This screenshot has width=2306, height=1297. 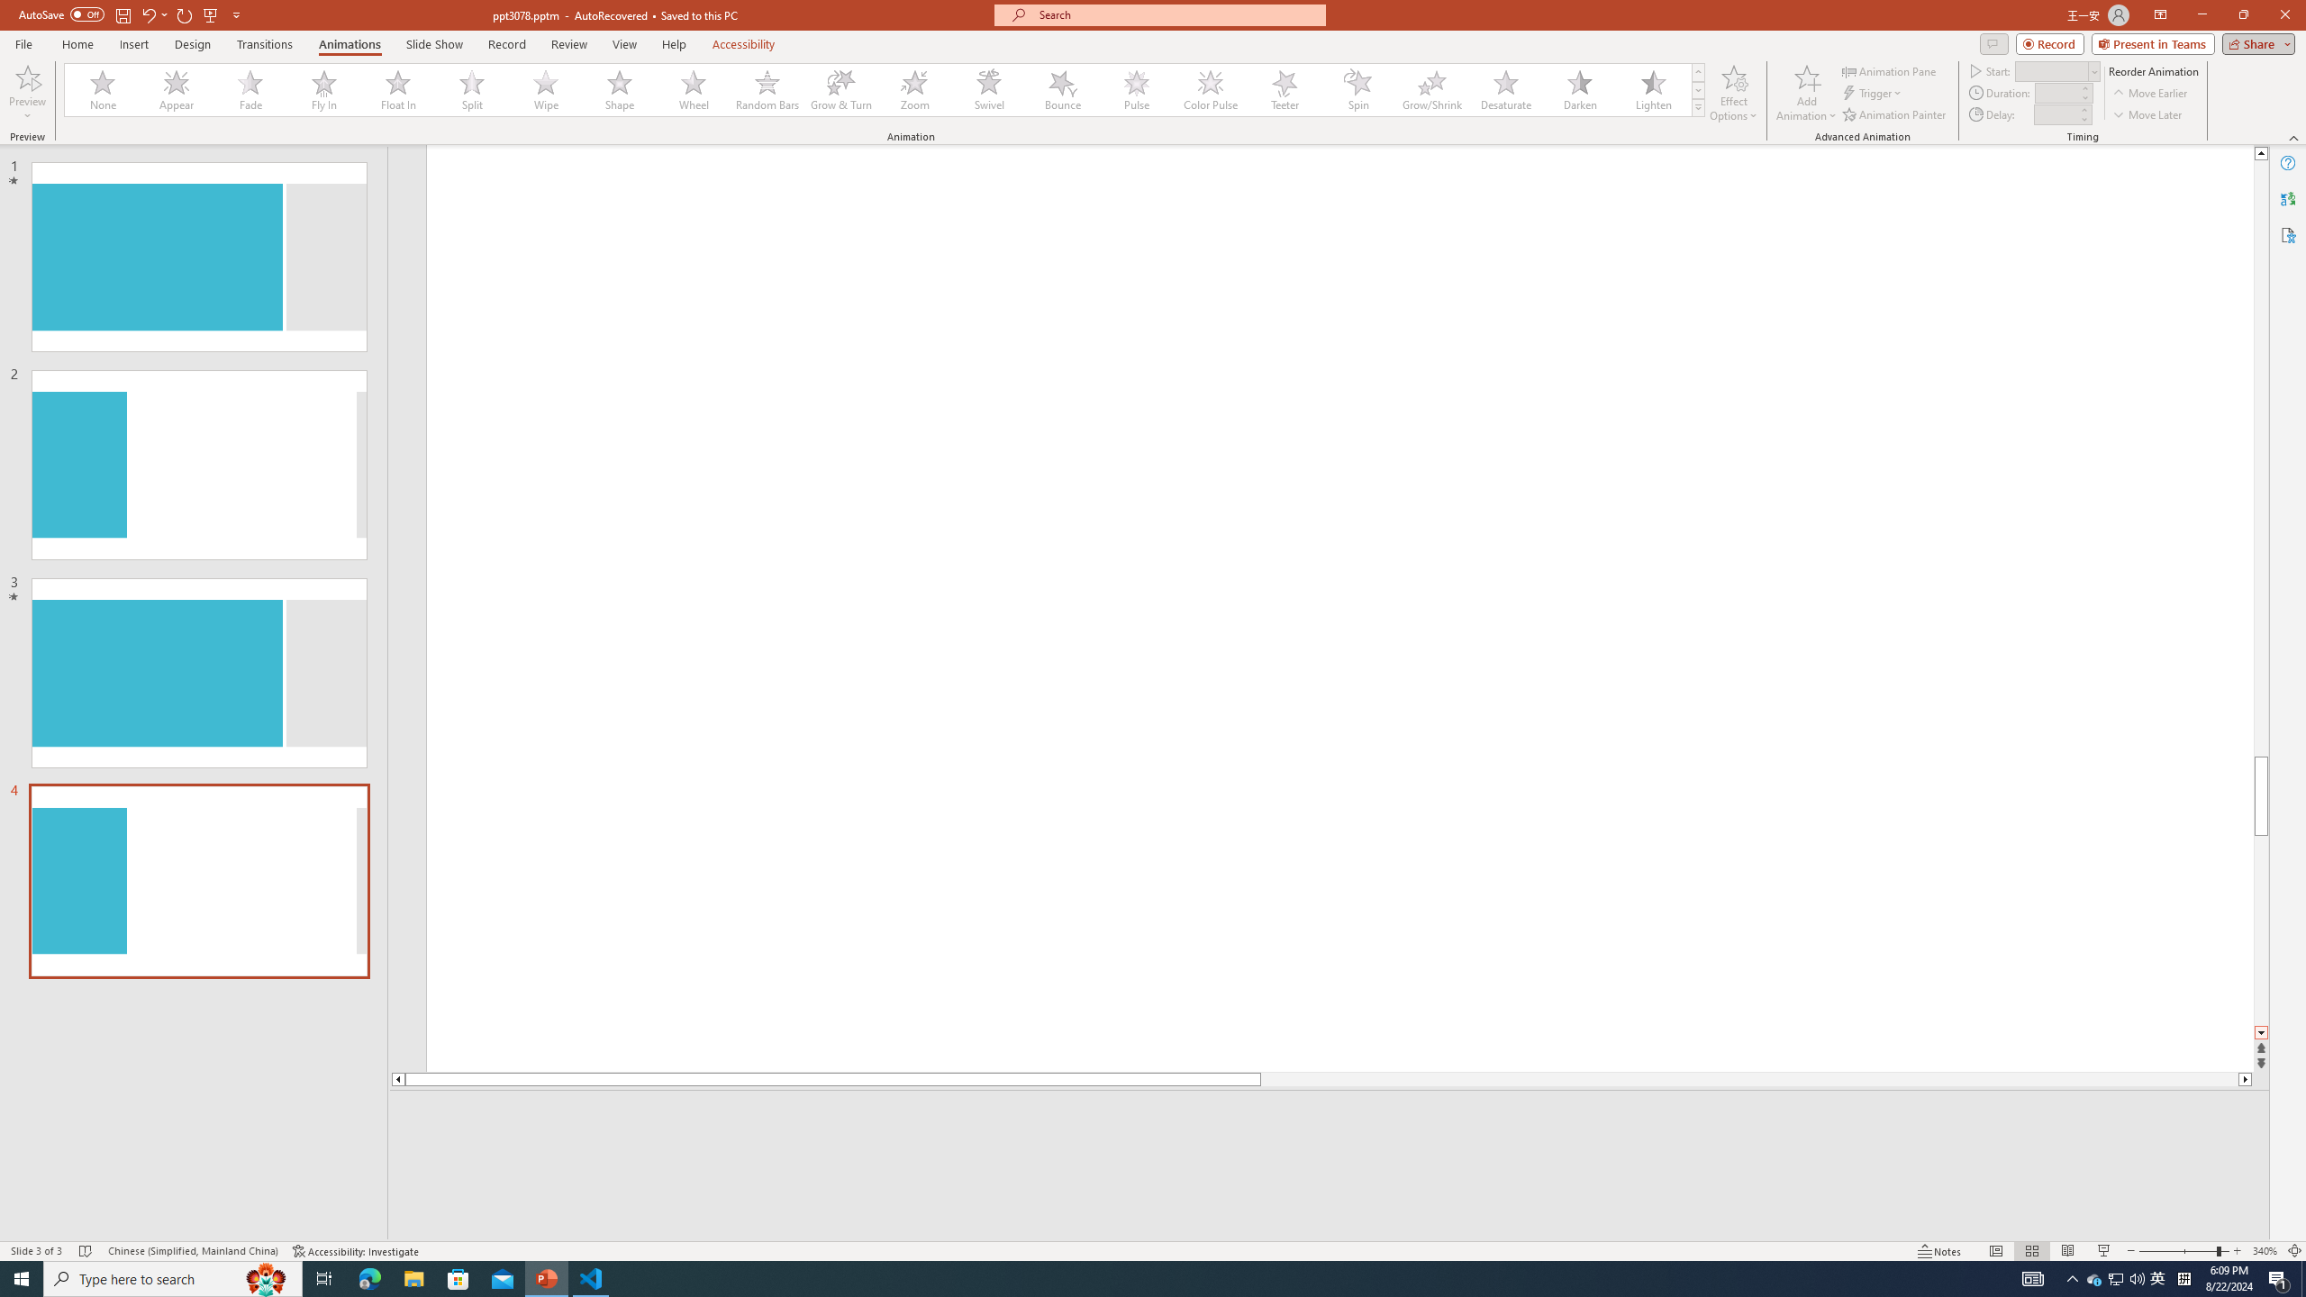 What do you see at coordinates (1431, 89) in the screenshot?
I see `'Grow/Shrink'` at bounding box center [1431, 89].